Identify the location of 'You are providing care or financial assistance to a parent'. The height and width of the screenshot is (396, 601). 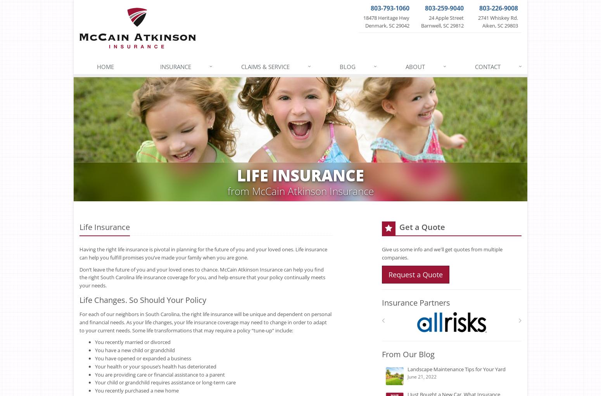
(160, 374).